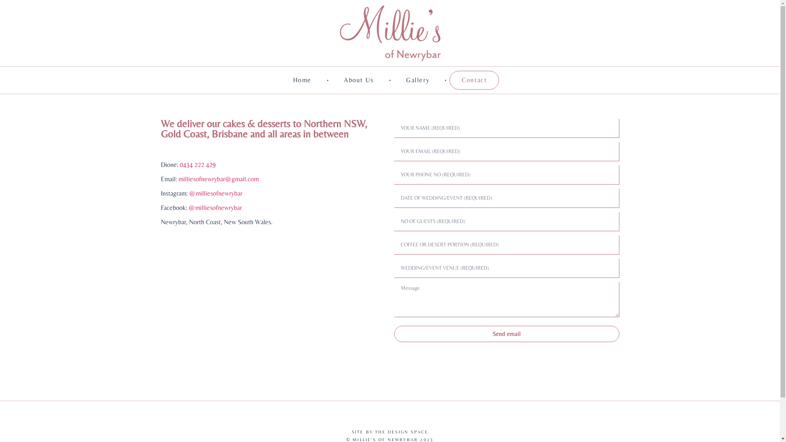 The height and width of the screenshot is (442, 786). What do you see at coordinates (390, 431) in the screenshot?
I see `'SITE BY THE DESIGN SPACE'` at bounding box center [390, 431].